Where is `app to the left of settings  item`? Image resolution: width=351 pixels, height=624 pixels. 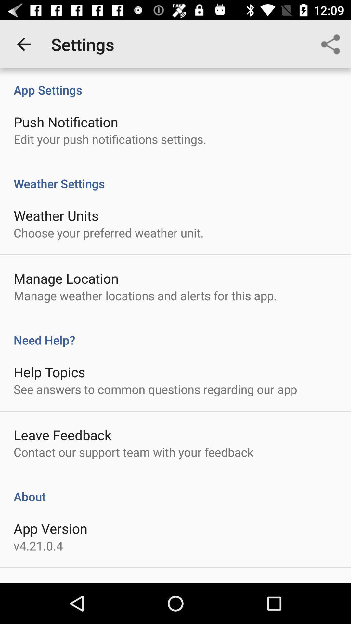
app to the left of settings  item is located at coordinates (23, 44).